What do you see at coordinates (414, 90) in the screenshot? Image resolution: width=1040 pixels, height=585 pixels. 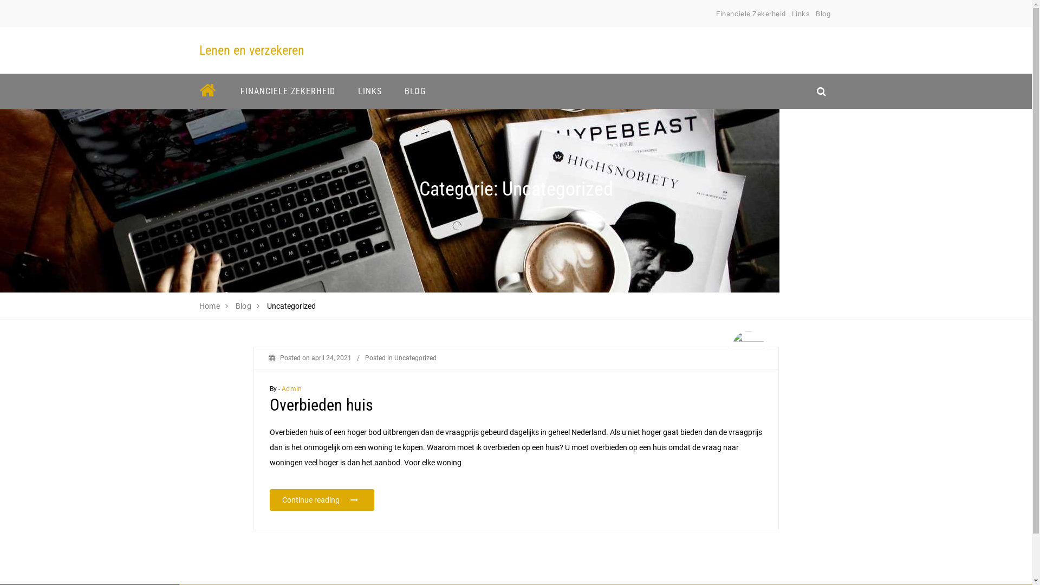 I see `'BLOG'` at bounding box center [414, 90].